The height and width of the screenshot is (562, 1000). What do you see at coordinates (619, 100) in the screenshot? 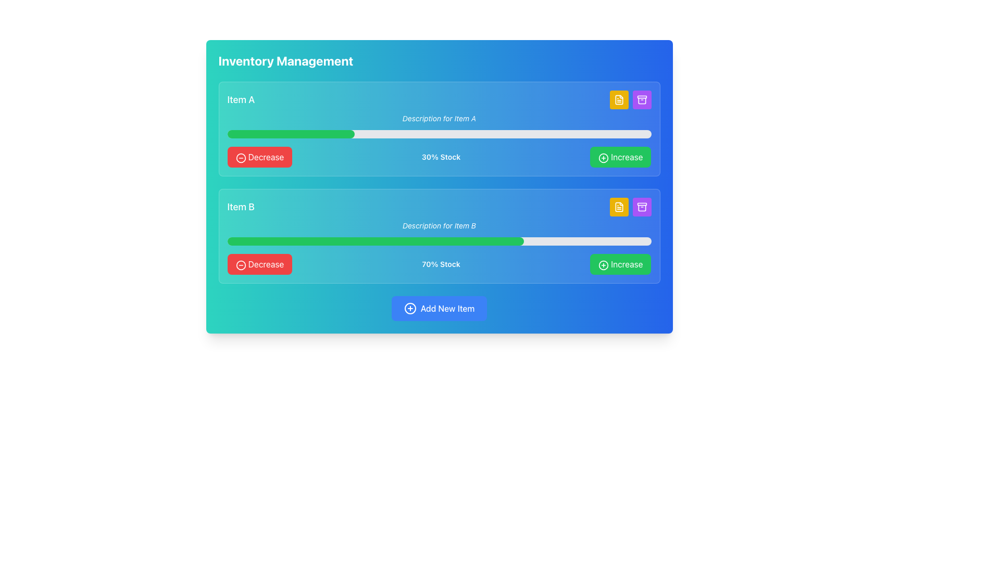
I see `the first yellow button located to the far right within the control panel for 'Item A', adjacent to a purple square button with an archive icon` at bounding box center [619, 100].